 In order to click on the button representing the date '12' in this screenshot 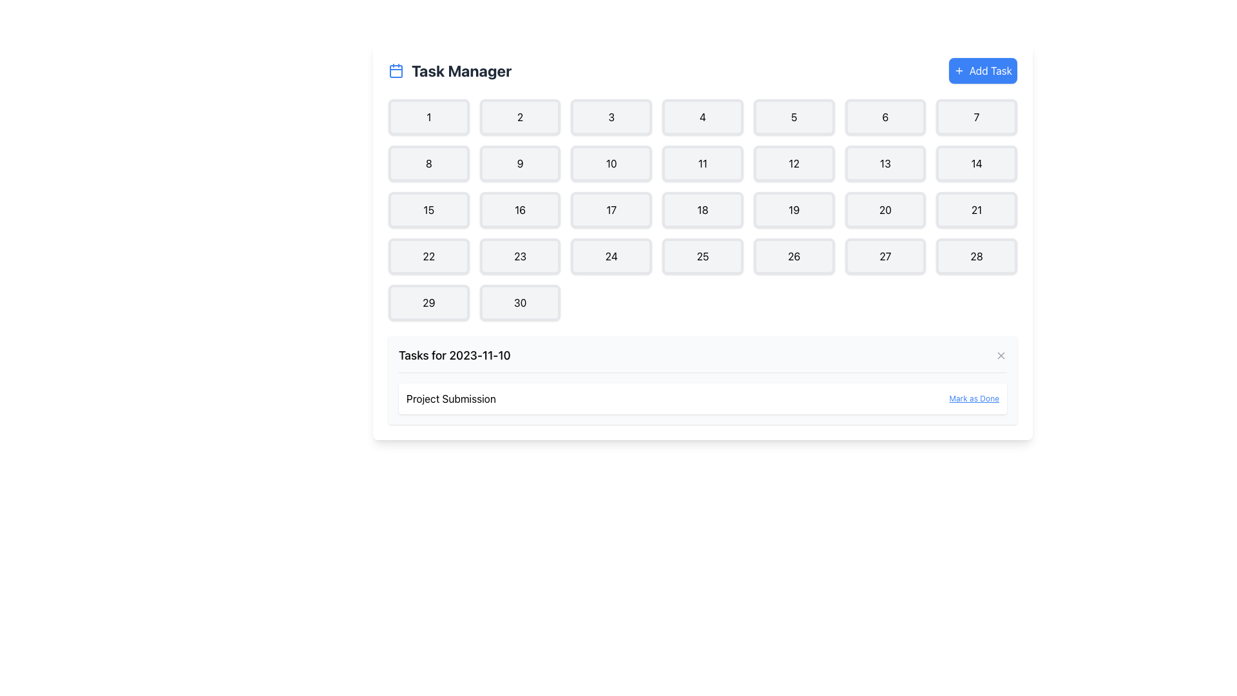, I will do `click(793, 163)`.